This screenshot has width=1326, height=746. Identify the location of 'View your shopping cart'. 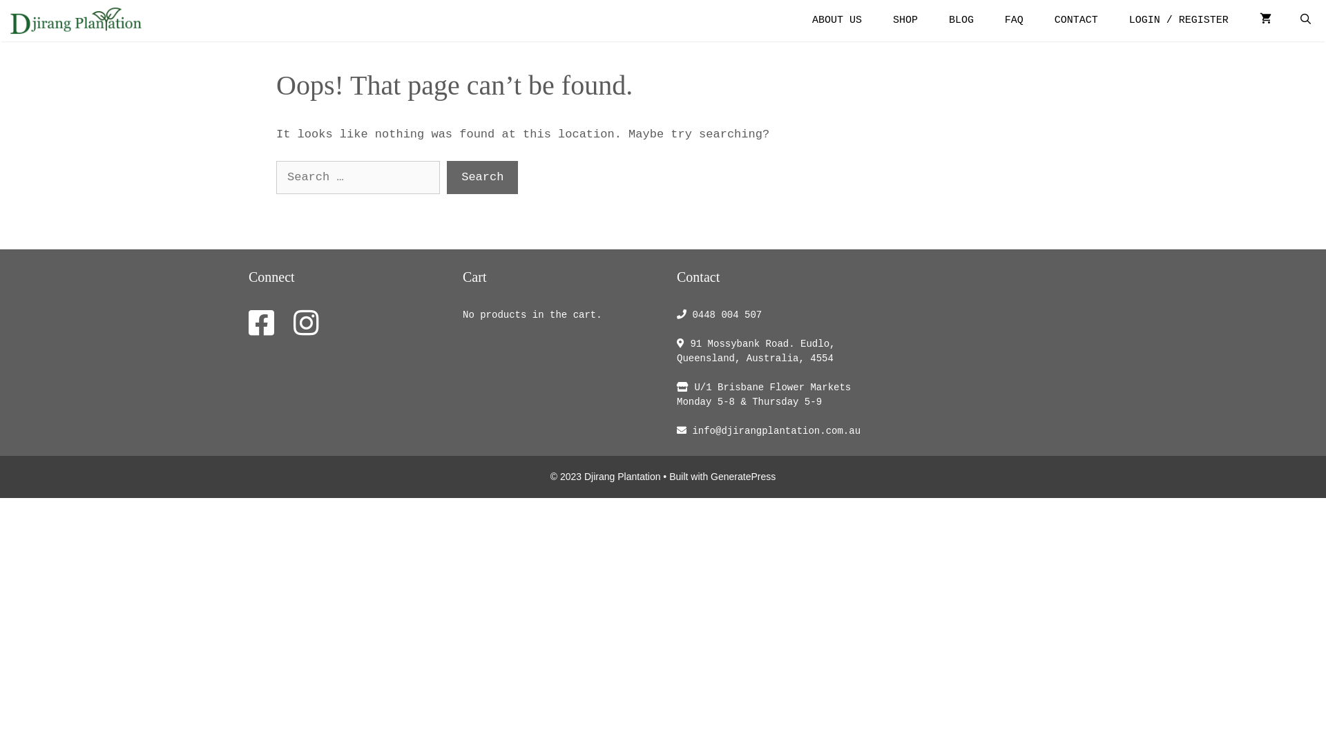
(1265, 21).